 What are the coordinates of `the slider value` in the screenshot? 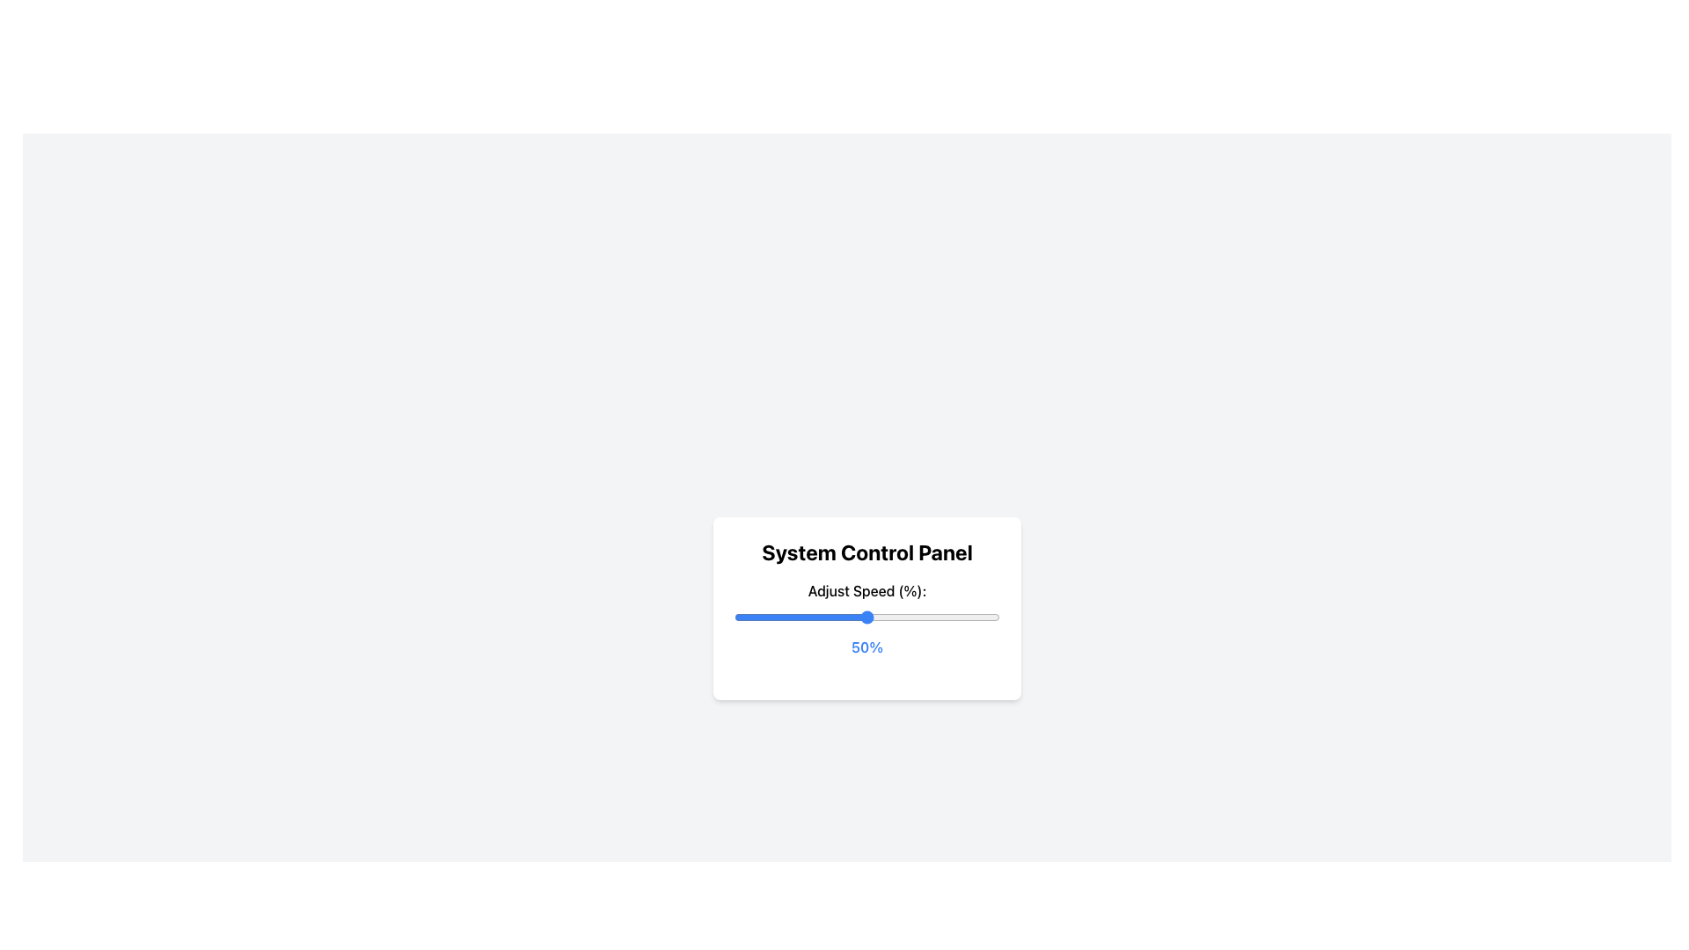 It's located at (774, 617).